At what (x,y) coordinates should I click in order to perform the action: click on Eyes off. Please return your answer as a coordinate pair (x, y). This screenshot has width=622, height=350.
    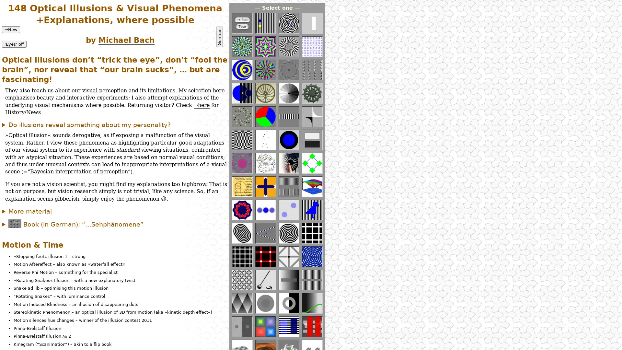
    Looking at the image, I should click on (14, 44).